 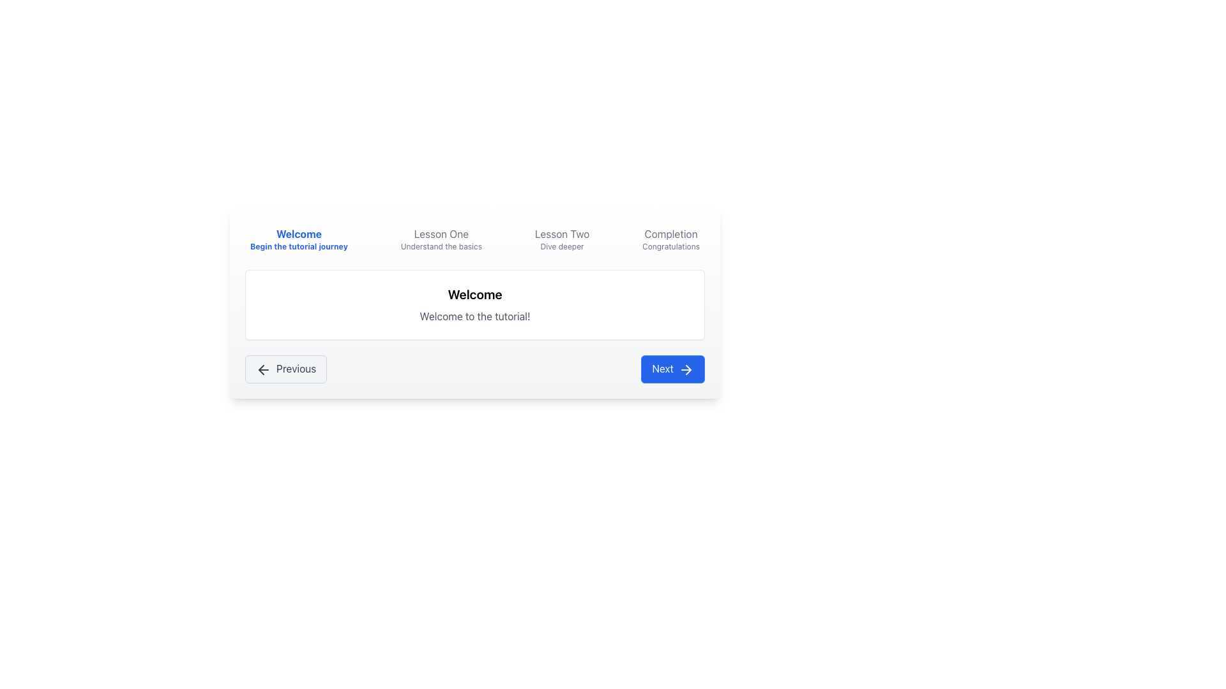 What do you see at coordinates (562, 246) in the screenshot?
I see `the Text Label providing descriptive context for the 'Lesson Two' section, located towards the center-right of the interface` at bounding box center [562, 246].